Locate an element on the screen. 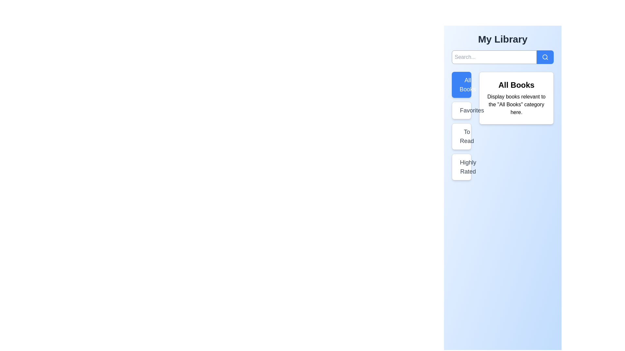 This screenshot has height=351, width=625. the 'All Books' category selector button located in the left sidebar menu is located at coordinates (461, 84).